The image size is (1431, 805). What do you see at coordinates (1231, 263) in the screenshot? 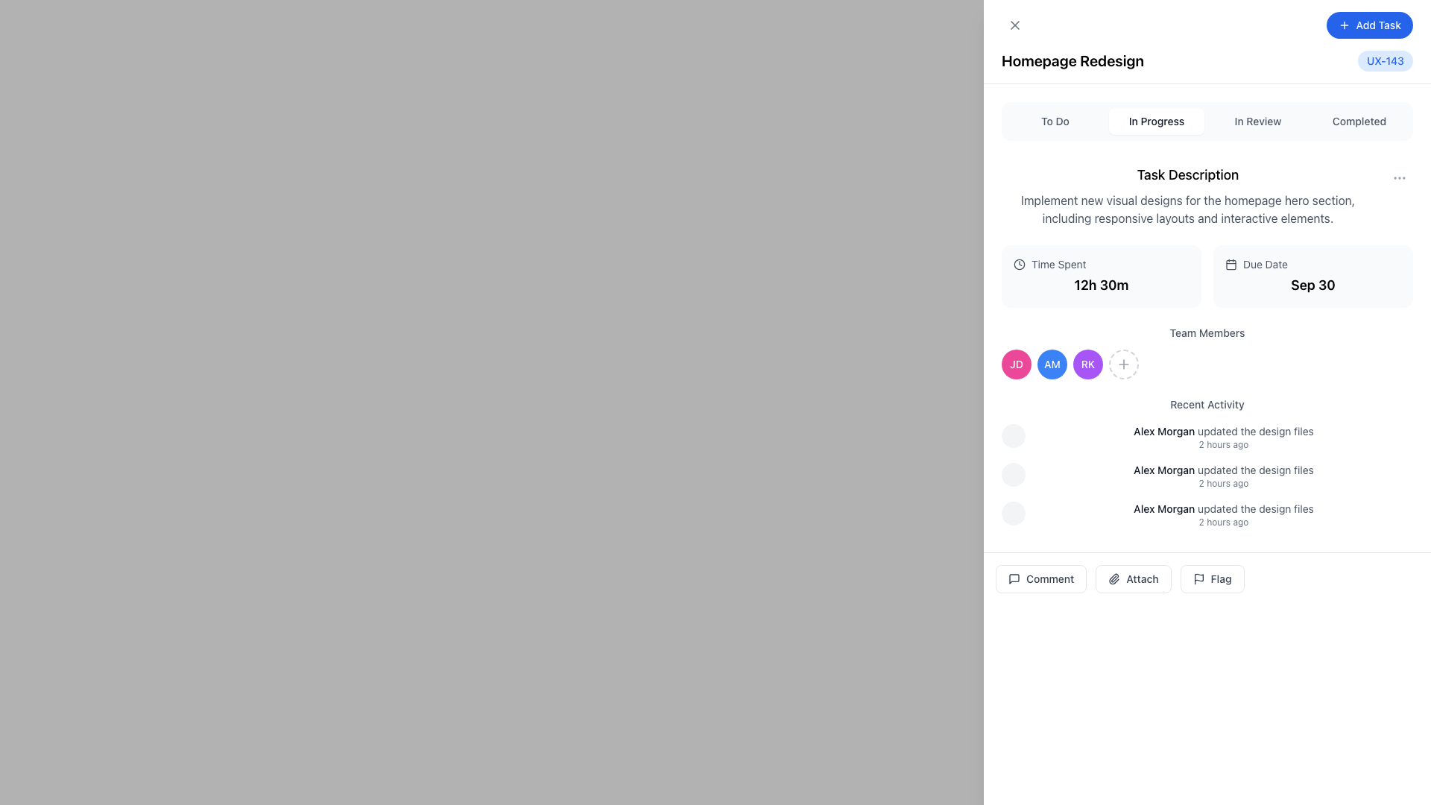
I see `the rounded rectangle component representing the background of the calendar icon located next to the 'Due Date' label` at bounding box center [1231, 263].